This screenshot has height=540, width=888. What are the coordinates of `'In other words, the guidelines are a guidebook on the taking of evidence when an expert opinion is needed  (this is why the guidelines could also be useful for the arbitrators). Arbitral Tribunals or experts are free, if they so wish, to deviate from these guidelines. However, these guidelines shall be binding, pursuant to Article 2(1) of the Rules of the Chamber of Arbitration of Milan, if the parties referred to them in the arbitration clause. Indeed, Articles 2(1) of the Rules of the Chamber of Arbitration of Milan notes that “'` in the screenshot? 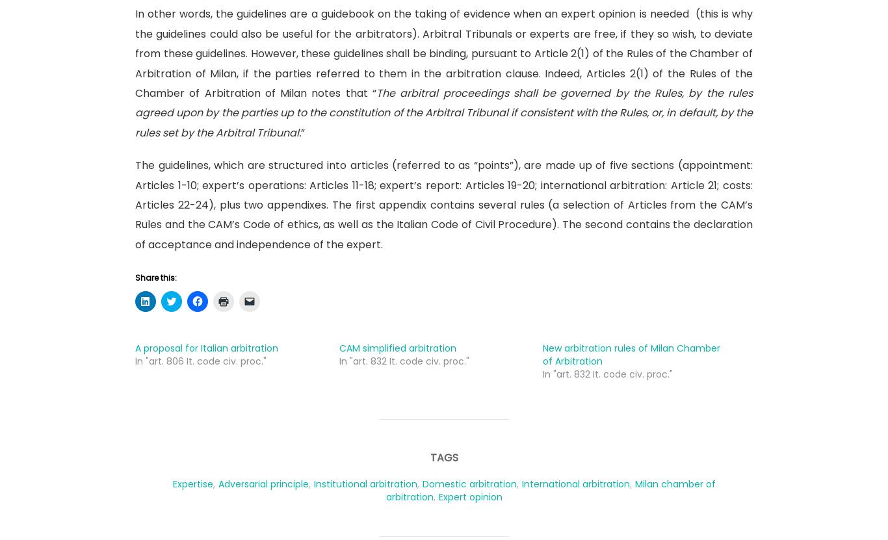 It's located at (444, 53).